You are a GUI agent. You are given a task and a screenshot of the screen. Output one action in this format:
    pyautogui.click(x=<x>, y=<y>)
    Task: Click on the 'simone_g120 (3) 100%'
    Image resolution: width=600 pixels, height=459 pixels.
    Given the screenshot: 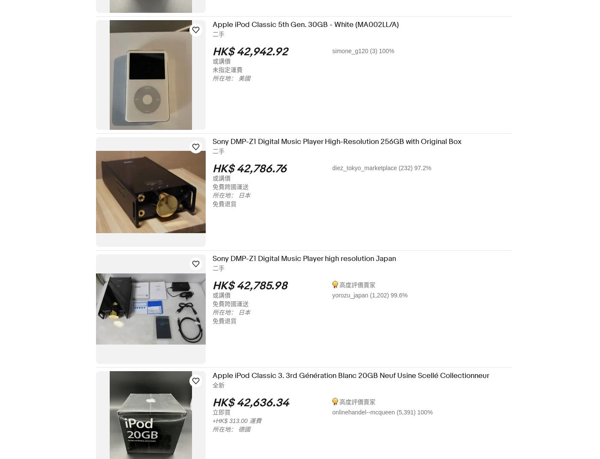 What is the action you would take?
    pyautogui.click(x=369, y=51)
    